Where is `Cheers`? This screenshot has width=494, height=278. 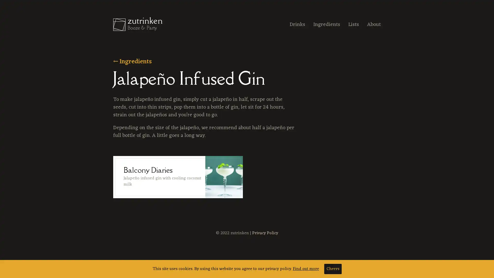
Cheers is located at coordinates (332, 269).